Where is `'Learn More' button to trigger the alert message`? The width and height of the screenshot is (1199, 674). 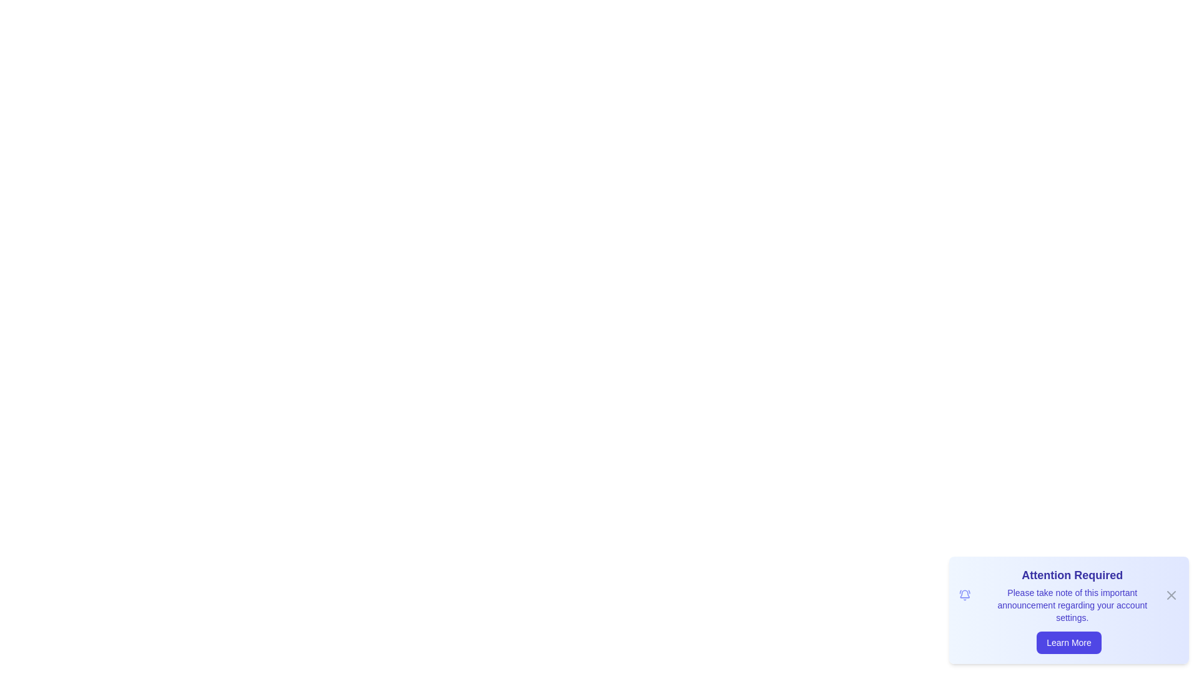
'Learn More' button to trigger the alert message is located at coordinates (1068, 642).